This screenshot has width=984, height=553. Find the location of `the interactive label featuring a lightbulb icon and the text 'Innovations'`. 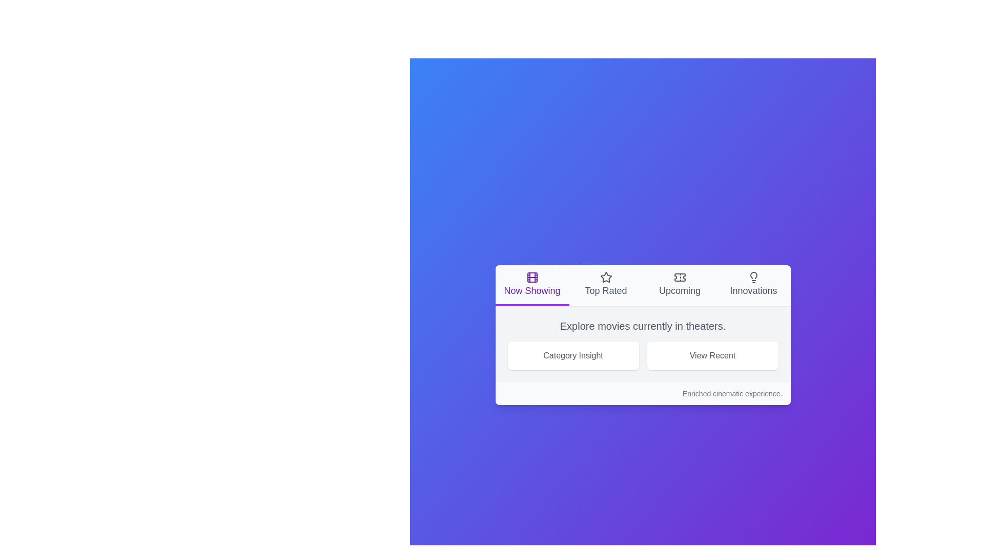

the interactive label featuring a lightbulb icon and the text 'Innovations' is located at coordinates (753, 284).